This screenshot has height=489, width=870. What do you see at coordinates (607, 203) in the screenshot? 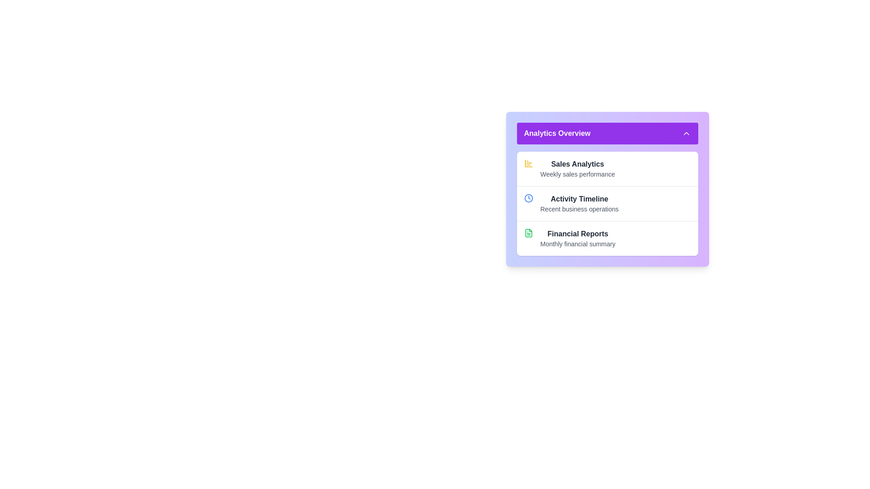
I see `the second entry in the vertical list of options, which represents a selectable item for recent business activities` at bounding box center [607, 203].